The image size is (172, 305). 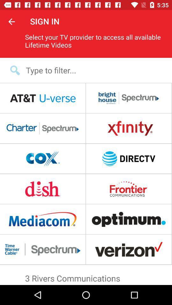 What do you see at coordinates (86, 267) in the screenshot?
I see `the item above 3 rivers communications` at bounding box center [86, 267].